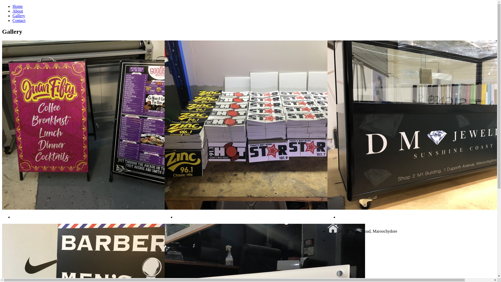 The width and height of the screenshot is (501, 282). What do you see at coordinates (19, 15) in the screenshot?
I see `'Gallery'` at bounding box center [19, 15].